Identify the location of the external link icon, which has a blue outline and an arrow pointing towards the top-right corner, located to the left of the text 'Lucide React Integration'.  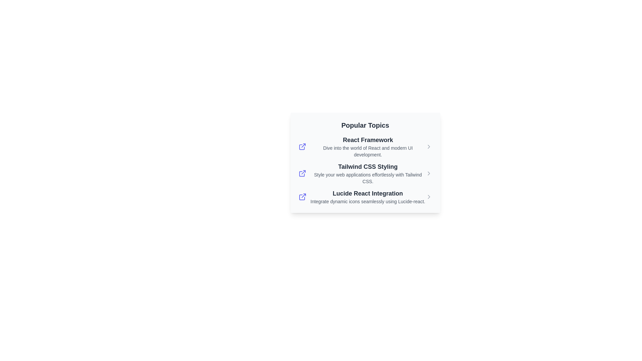
(302, 197).